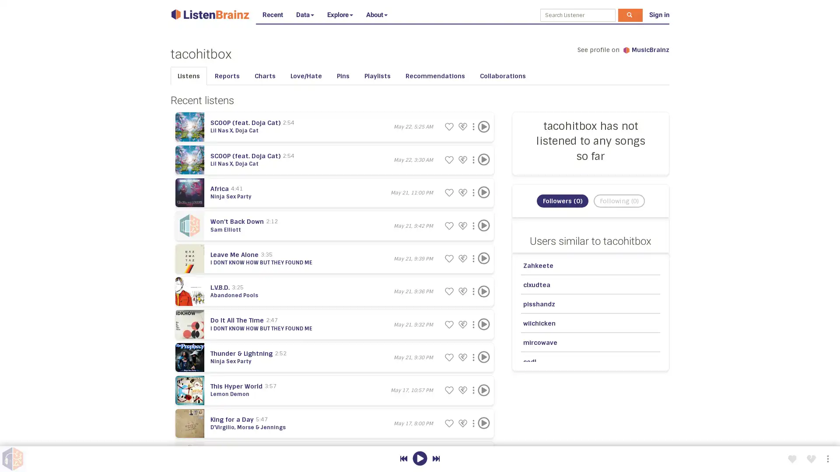 This screenshot has height=472, width=840. Describe the element at coordinates (562, 222) in the screenshot. I see `Followers (0)` at that location.